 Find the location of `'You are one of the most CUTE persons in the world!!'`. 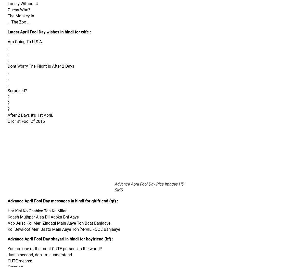

'You are one of the most CUTE persons in the world!!' is located at coordinates (54, 248).